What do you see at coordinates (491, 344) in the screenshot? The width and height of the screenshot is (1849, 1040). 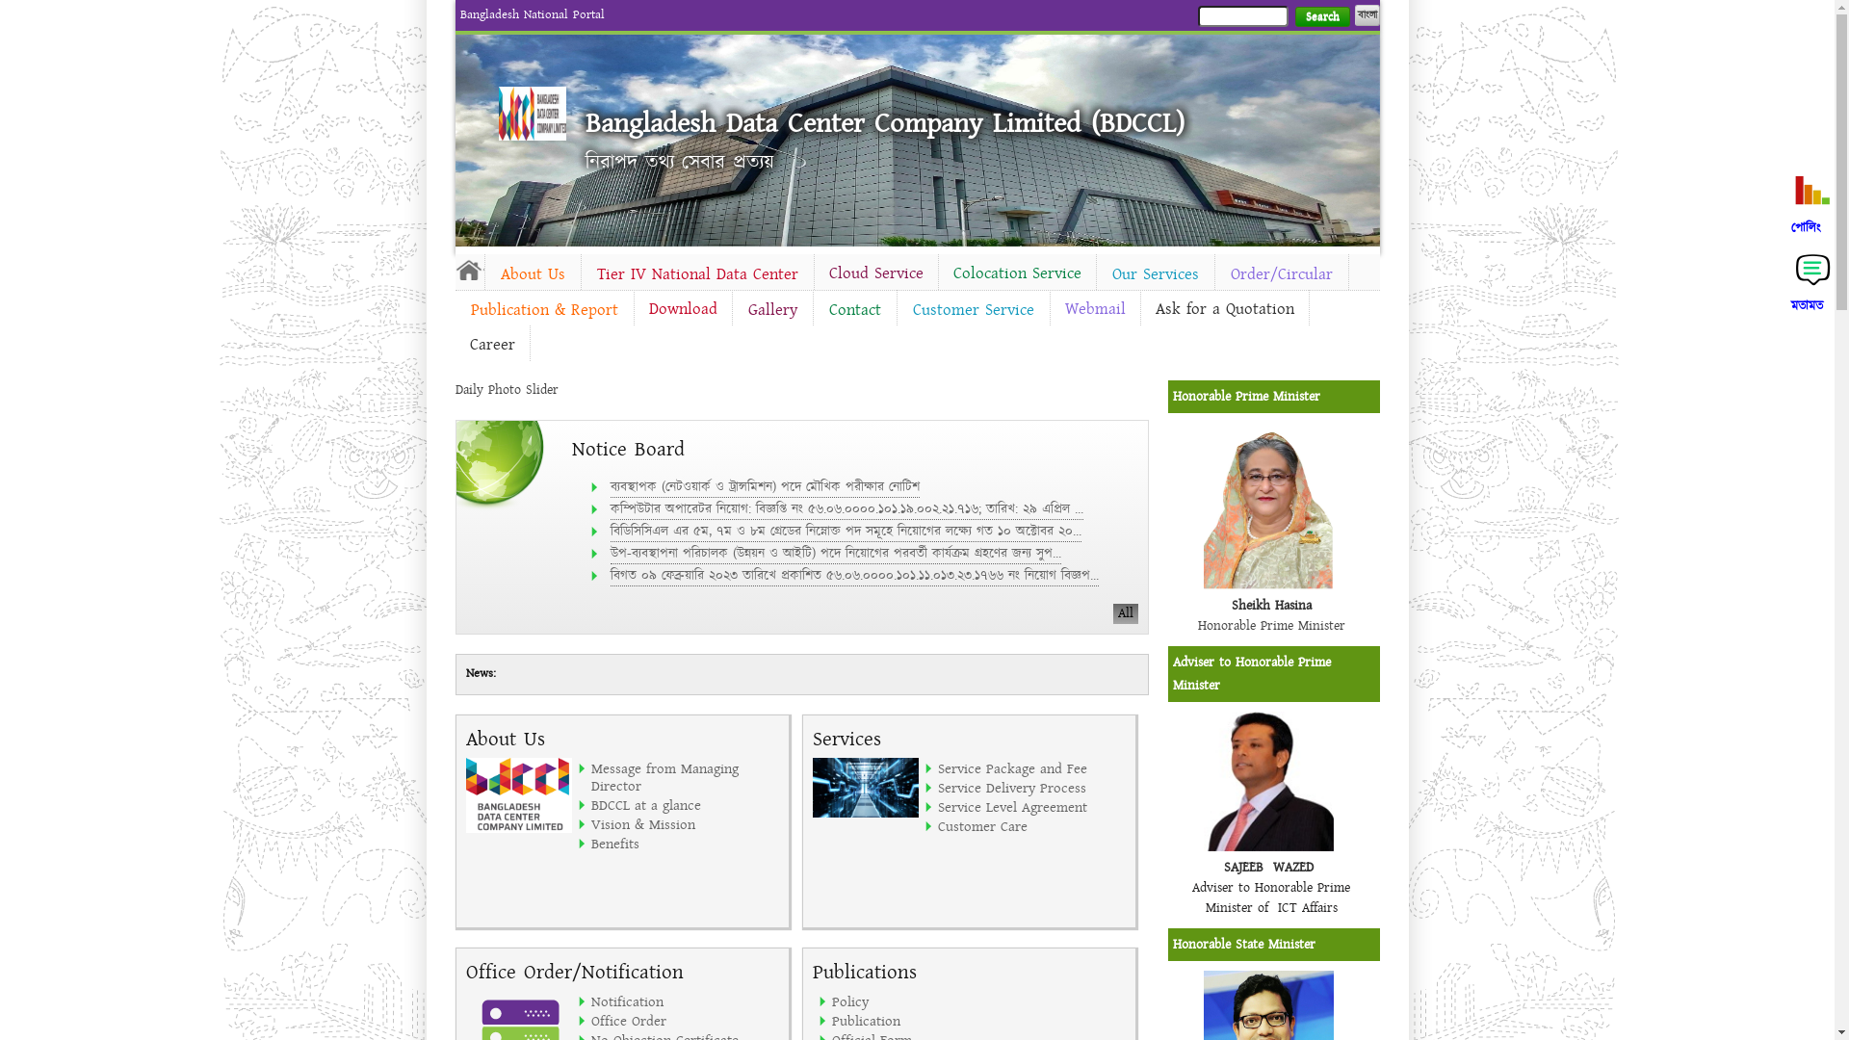 I see `'Career'` at bounding box center [491, 344].